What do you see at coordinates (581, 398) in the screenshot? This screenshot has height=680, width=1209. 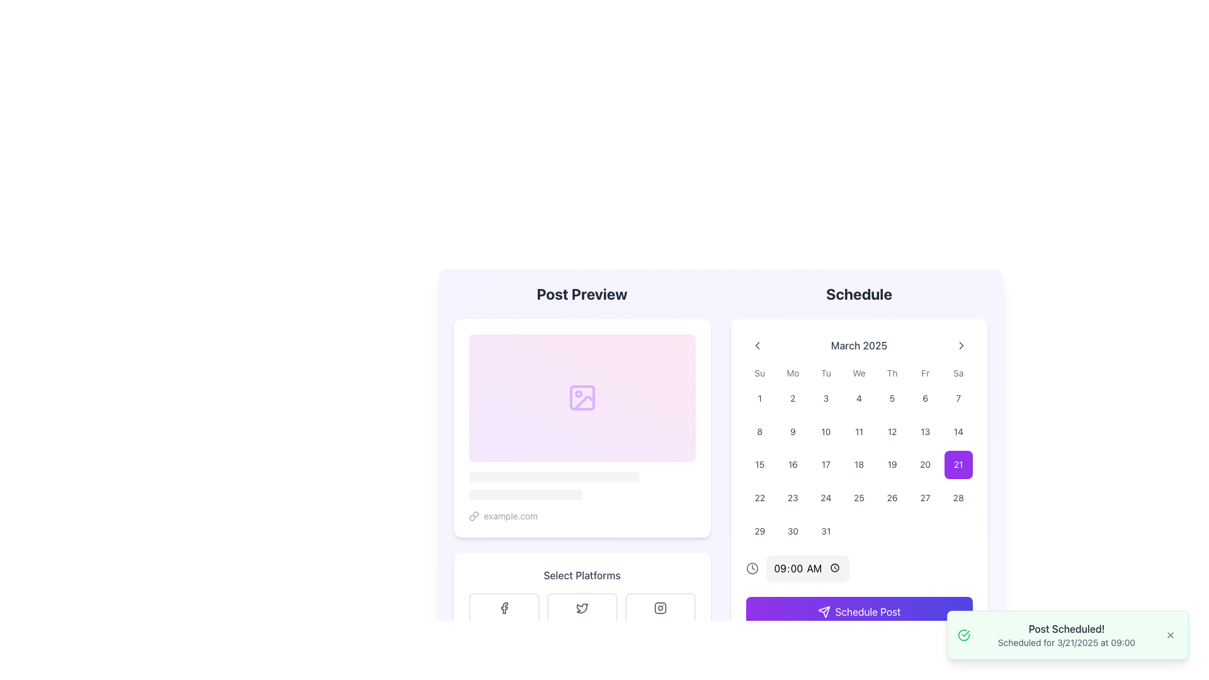 I see `the rectangular SVG element with curved corners located in the 'Post Preview' section of the interface, which is part of an icon resembling a picture representation` at bounding box center [581, 398].